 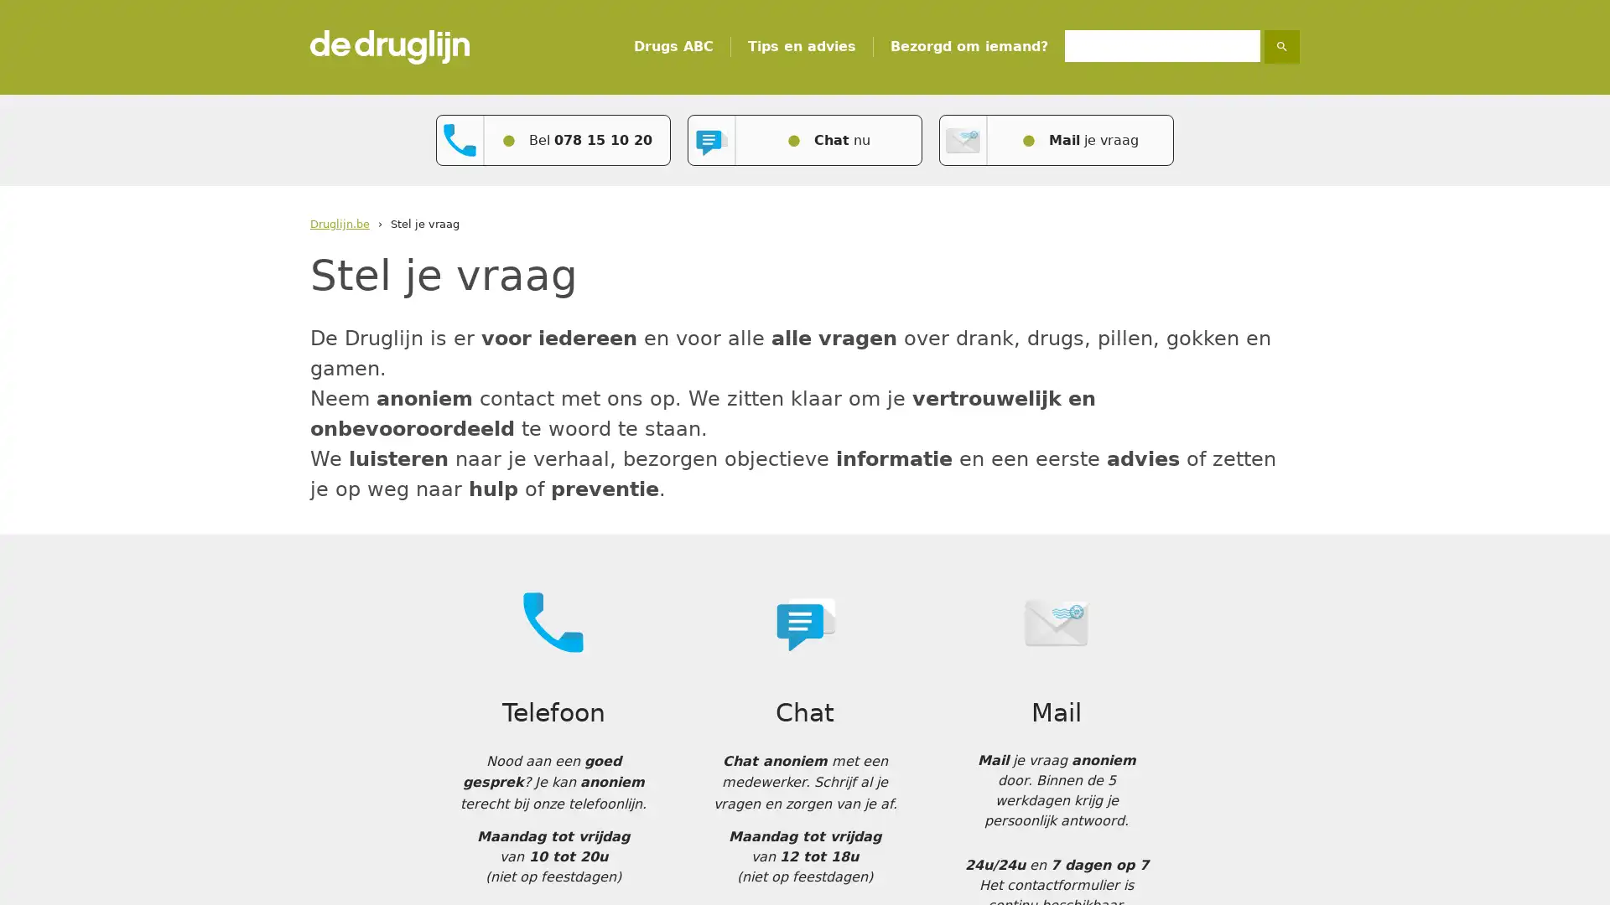 What do you see at coordinates (805, 139) in the screenshot?
I see `Chat nu` at bounding box center [805, 139].